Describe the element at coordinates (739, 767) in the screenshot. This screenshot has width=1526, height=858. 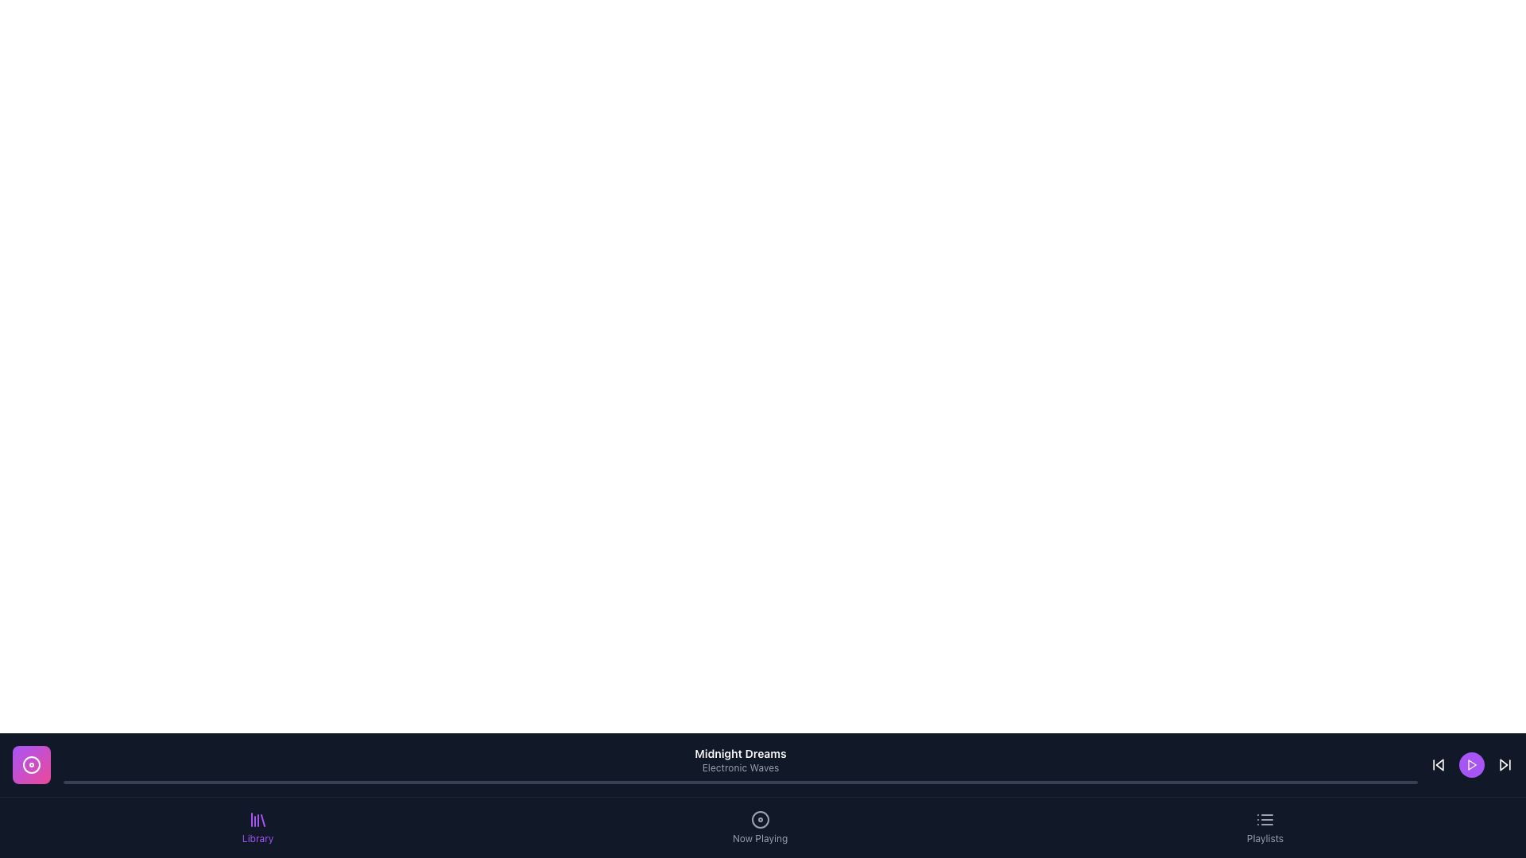
I see `the text label located directly beneath the text 'Midnight Dreams', which serves as a subtitle or descriptive label` at that location.